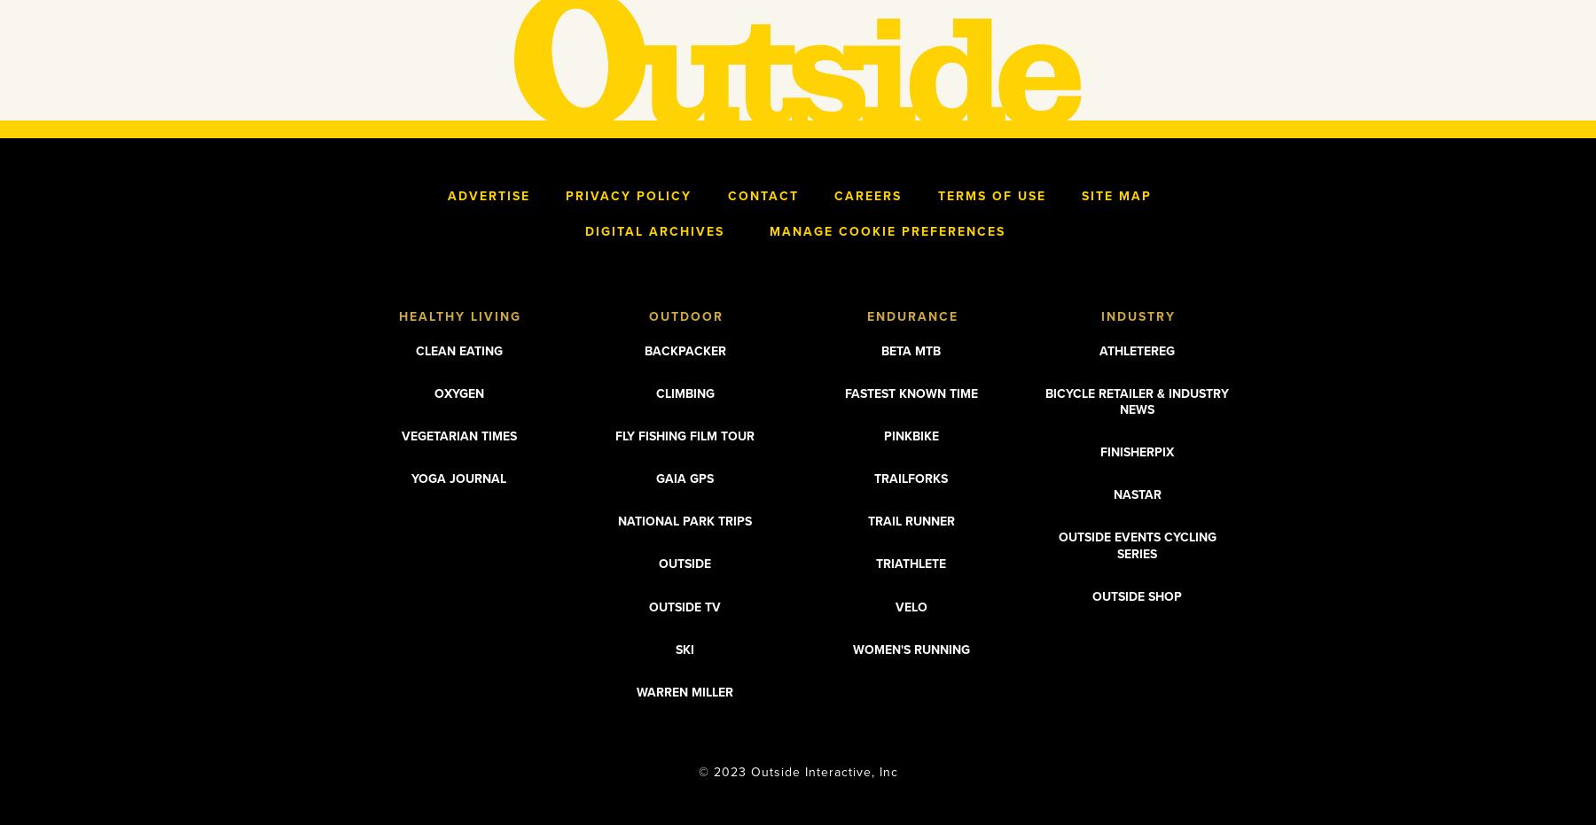 This screenshot has height=825, width=1596. I want to click on 'Trail Runner', so click(865, 520).